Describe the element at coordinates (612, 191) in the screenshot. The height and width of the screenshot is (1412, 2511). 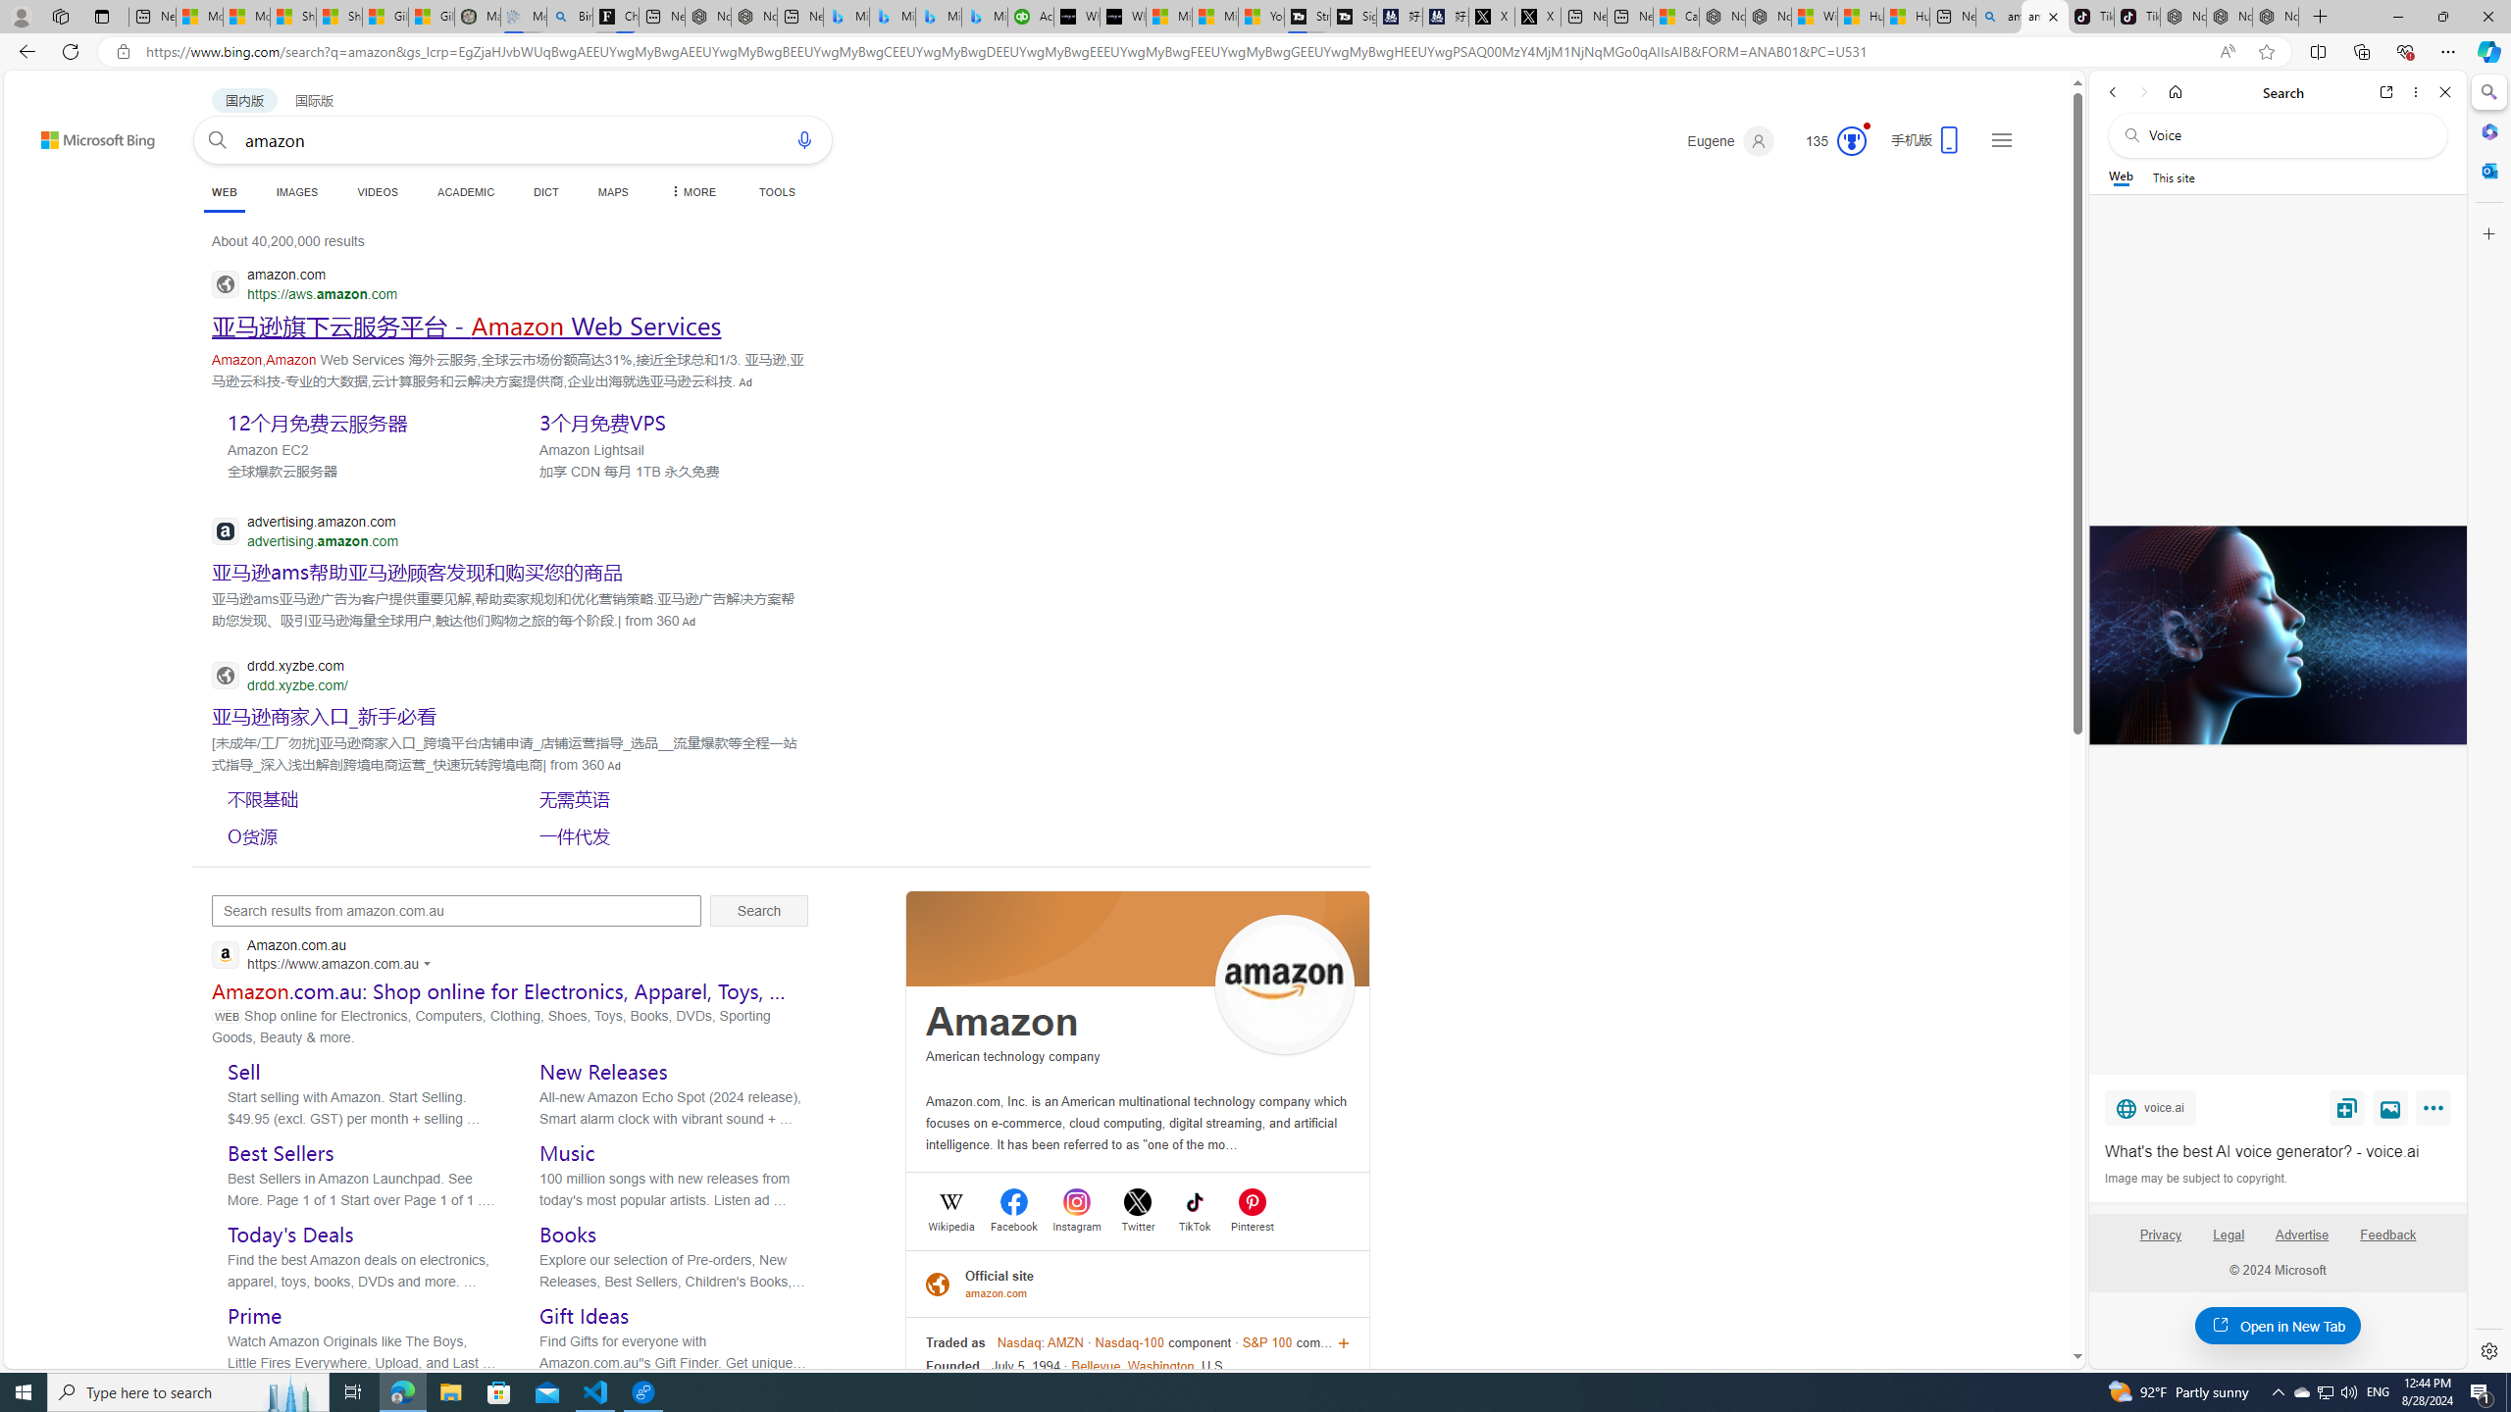
I see `'MAPS'` at that location.